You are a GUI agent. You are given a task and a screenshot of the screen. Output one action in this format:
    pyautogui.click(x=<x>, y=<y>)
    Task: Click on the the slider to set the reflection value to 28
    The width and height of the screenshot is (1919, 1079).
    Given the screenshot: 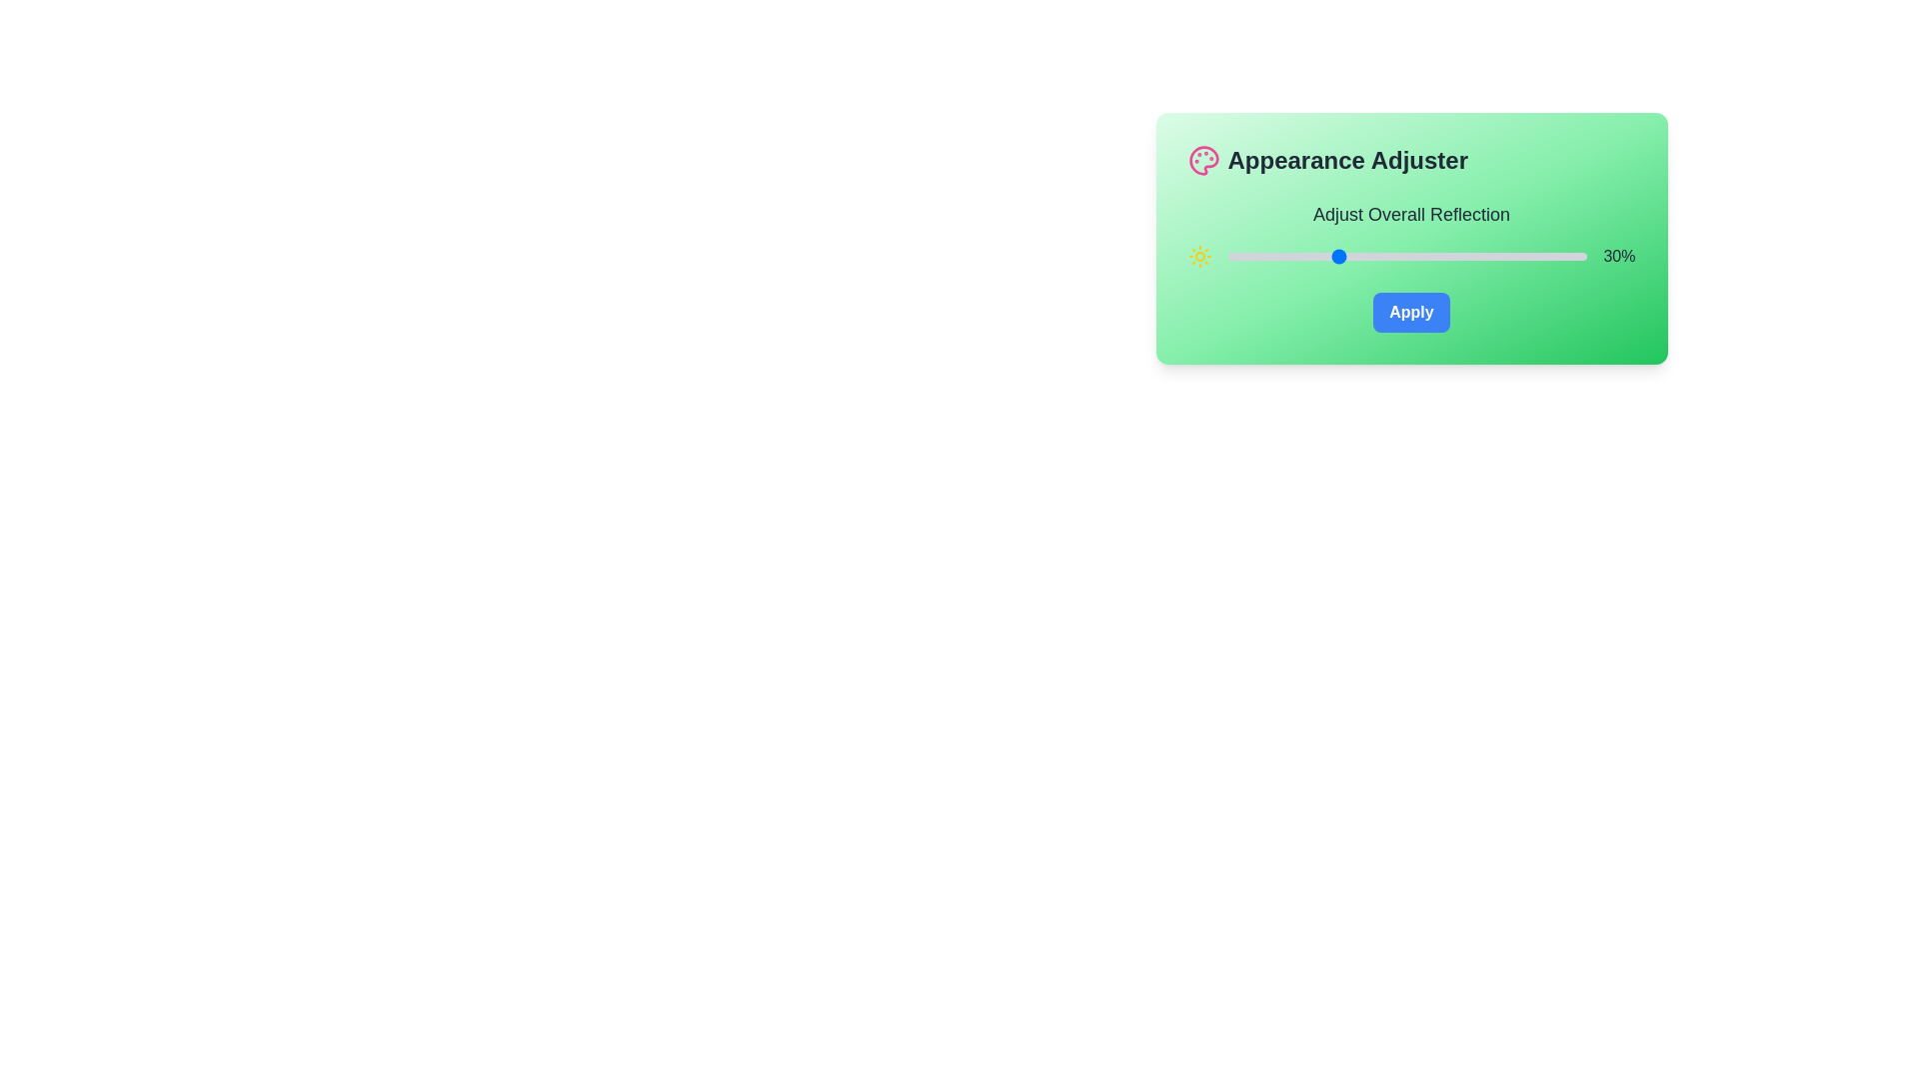 What is the action you would take?
    pyautogui.click(x=1328, y=256)
    